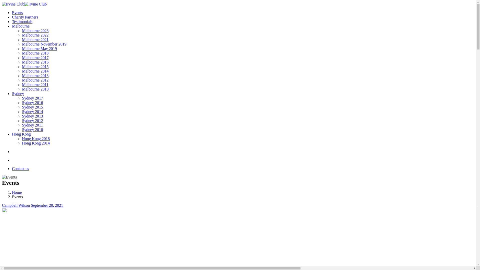 The height and width of the screenshot is (270, 480). What do you see at coordinates (21, 62) in the screenshot?
I see `'Melbourne 2016'` at bounding box center [21, 62].